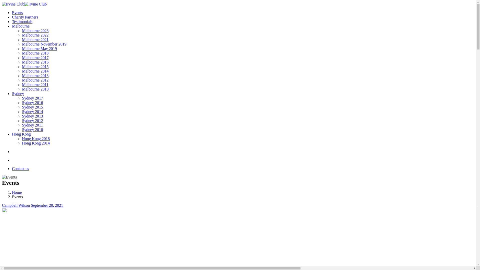 The height and width of the screenshot is (270, 480). What do you see at coordinates (21, 62) in the screenshot?
I see `'Melbourne 2016'` at bounding box center [21, 62].